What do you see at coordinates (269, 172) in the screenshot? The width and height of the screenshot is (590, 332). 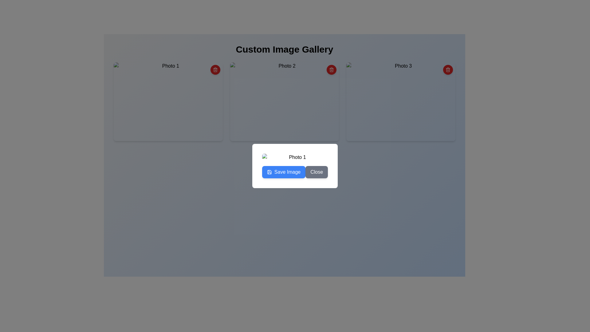 I see `the blue save icon located to the left of the 'Save Image' text within the button` at bounding box center [269, 172].